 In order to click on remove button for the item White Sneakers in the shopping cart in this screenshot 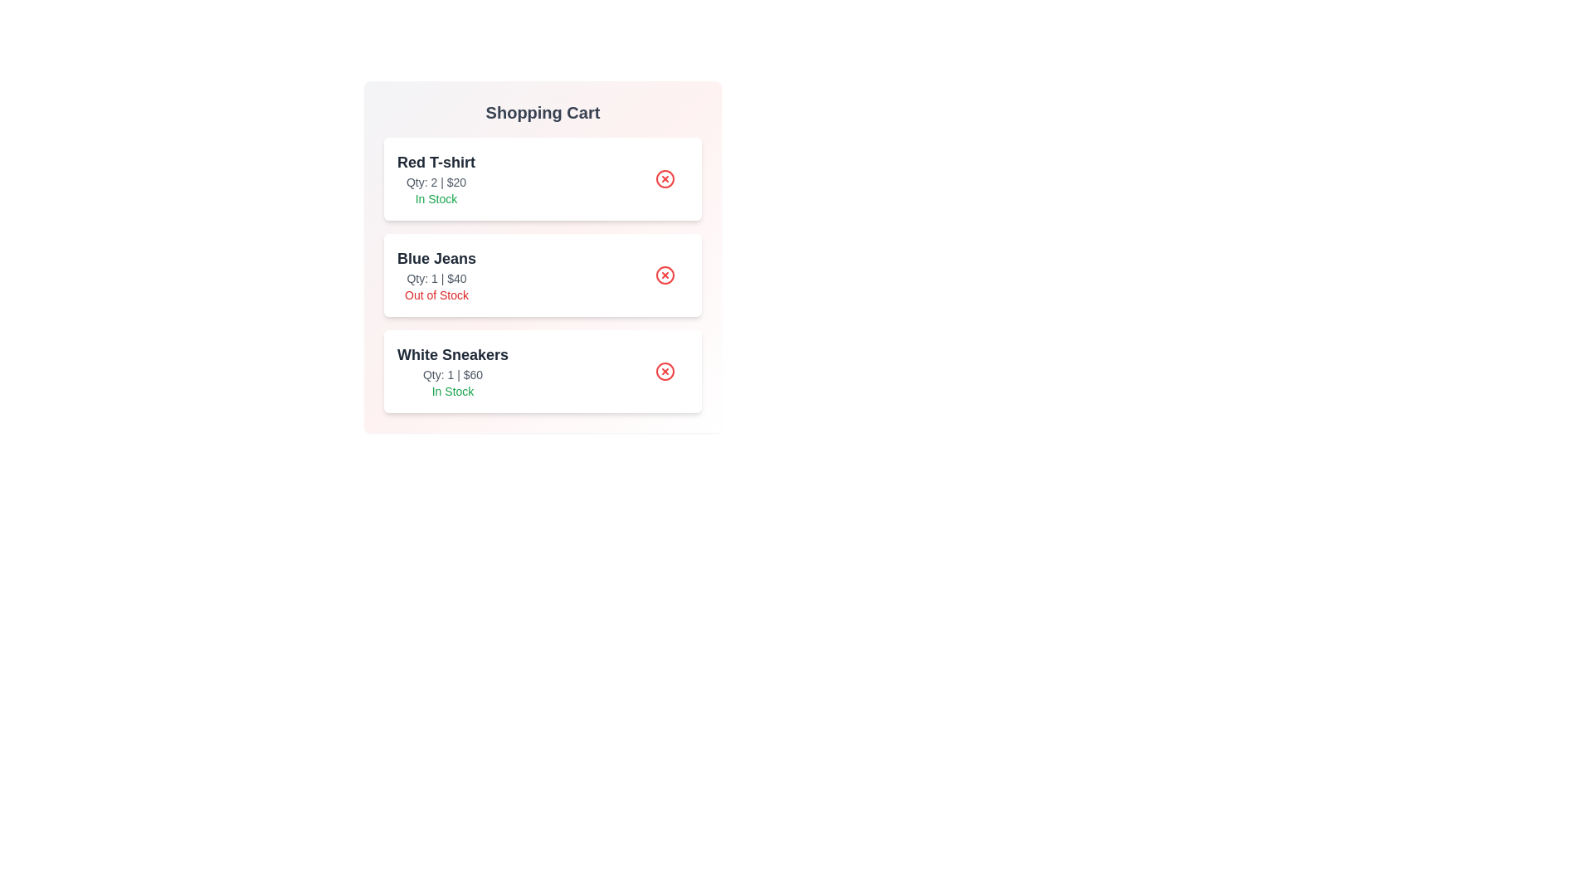, I will do `click(665, 370)`.